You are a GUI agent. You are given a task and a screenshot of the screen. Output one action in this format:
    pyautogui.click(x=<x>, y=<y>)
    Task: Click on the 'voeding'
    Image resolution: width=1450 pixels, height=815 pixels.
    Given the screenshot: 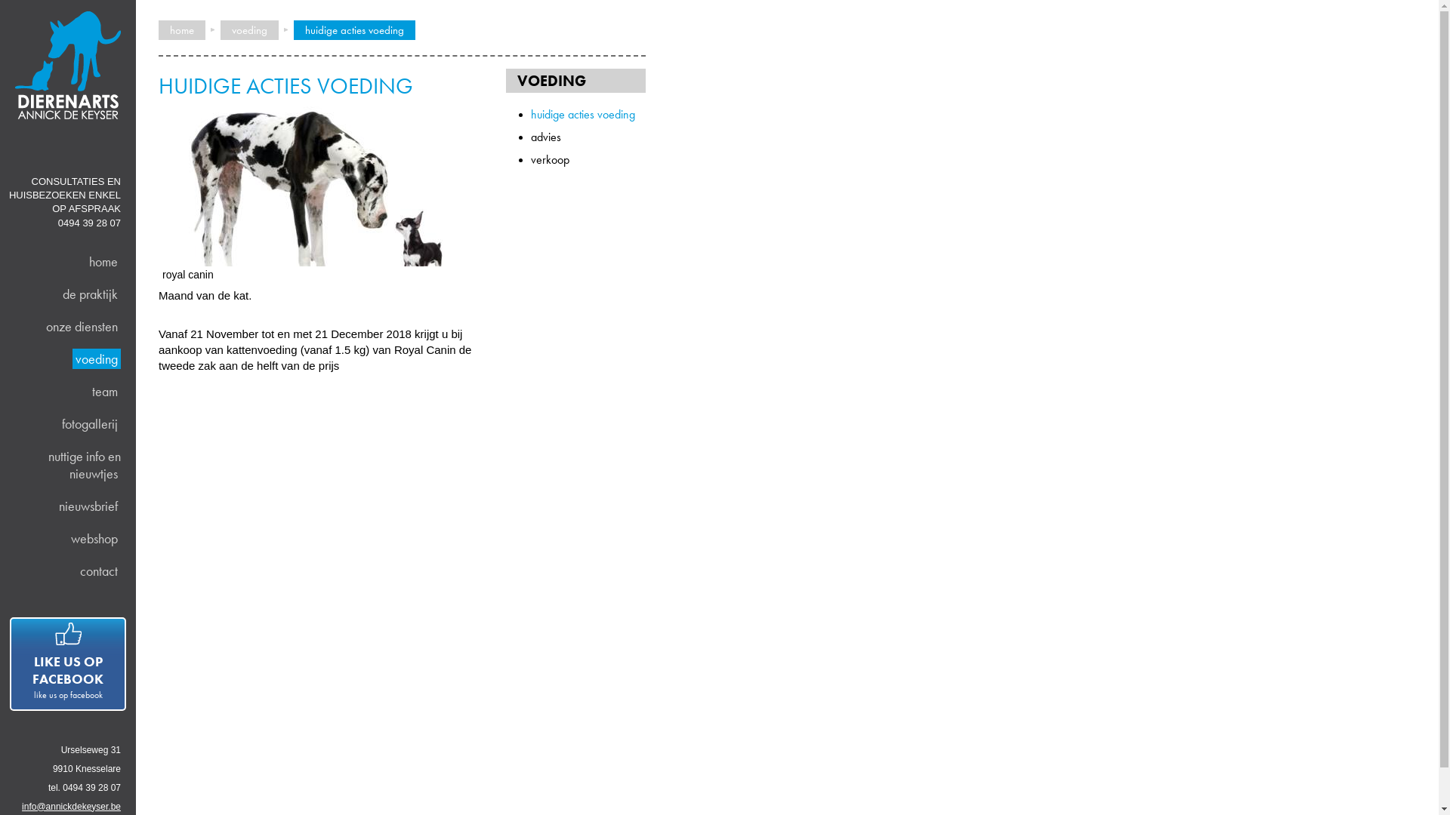 What is the action you would take?
    pyautogui.click(x=72, y=358)
    